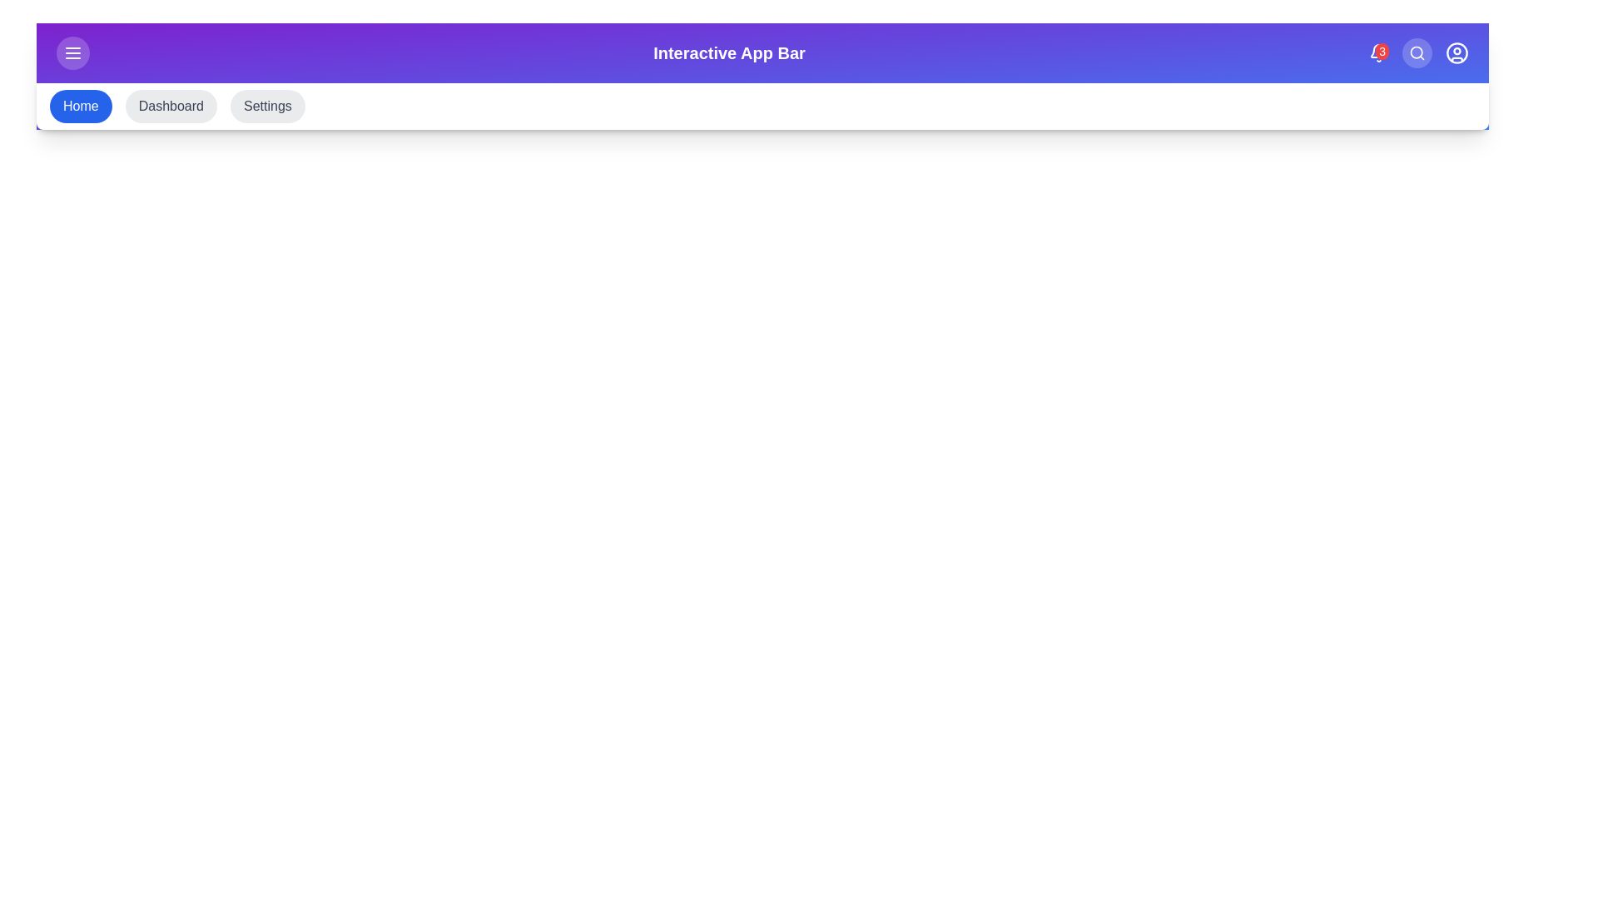  Describe the element at coordinates (1378, 52) in the screenshot. I see `the notification bell icon` at that location.